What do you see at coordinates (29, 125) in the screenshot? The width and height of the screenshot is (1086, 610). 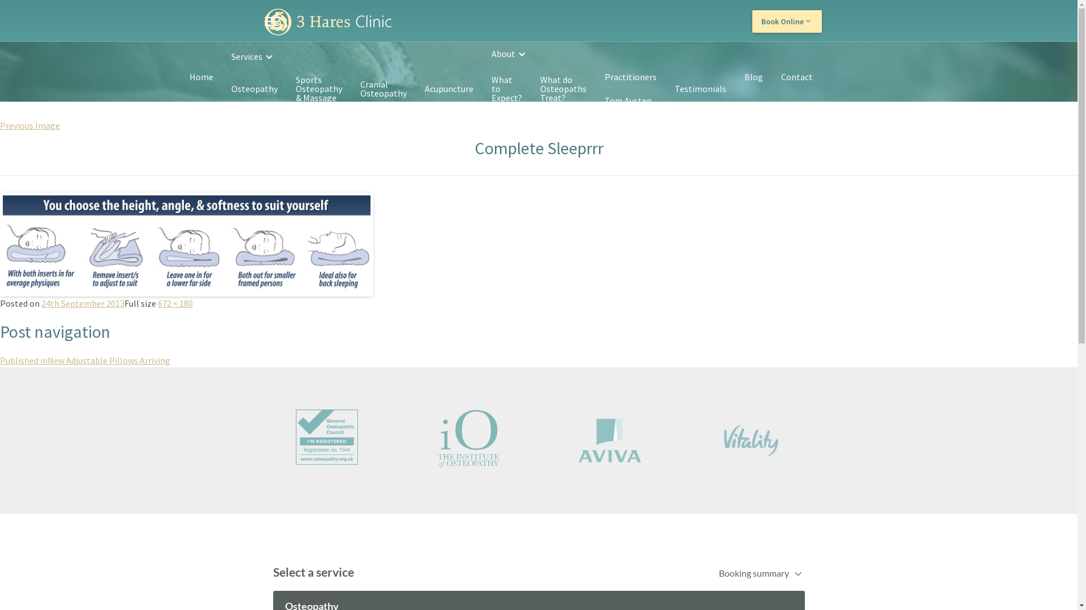 I see `'Previous Image'` at bounding box center [29, 125].